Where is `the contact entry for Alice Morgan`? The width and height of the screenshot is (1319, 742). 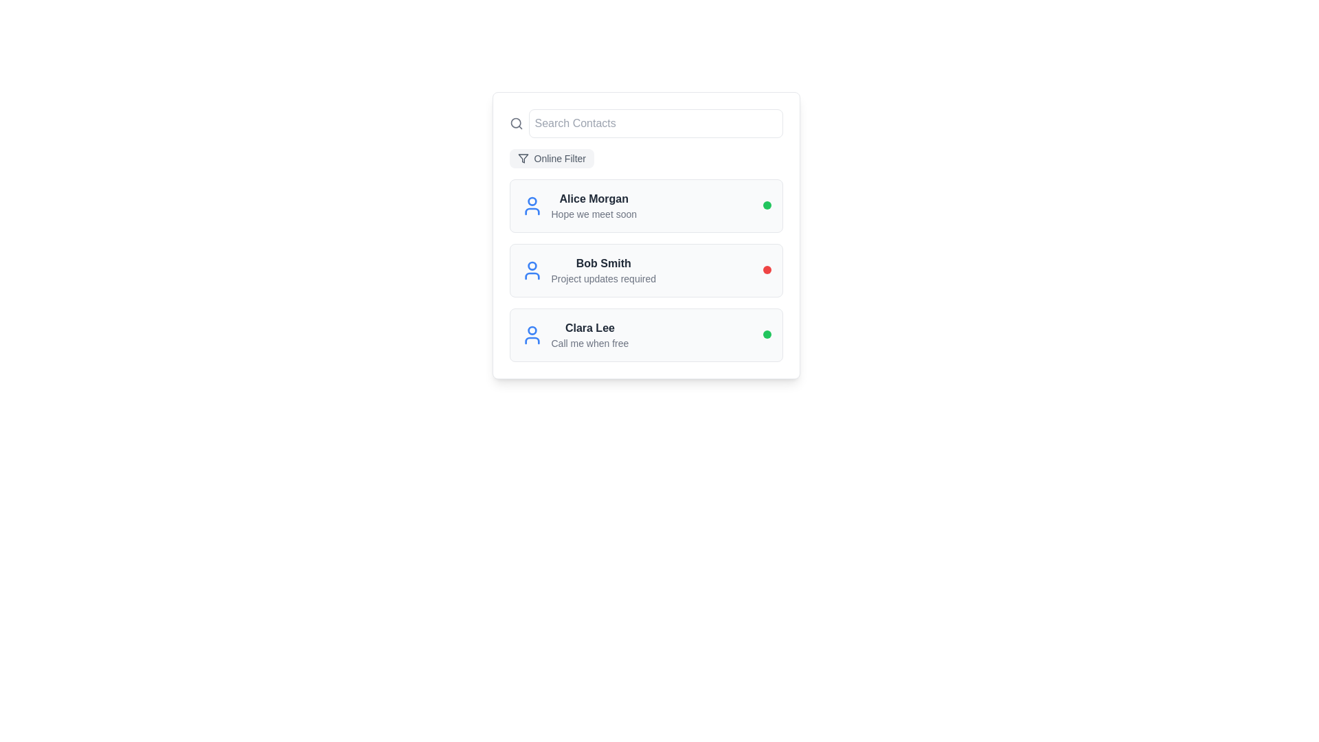 the contact entry for Alice Morgan is located at coordinates (578, 206).